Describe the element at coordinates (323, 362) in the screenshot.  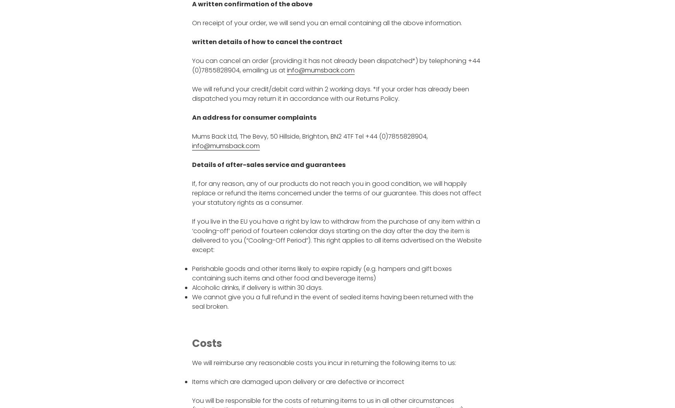
I see `'We will reimburse any reasonable costs you incur in returning the following items to us:'` at that location.